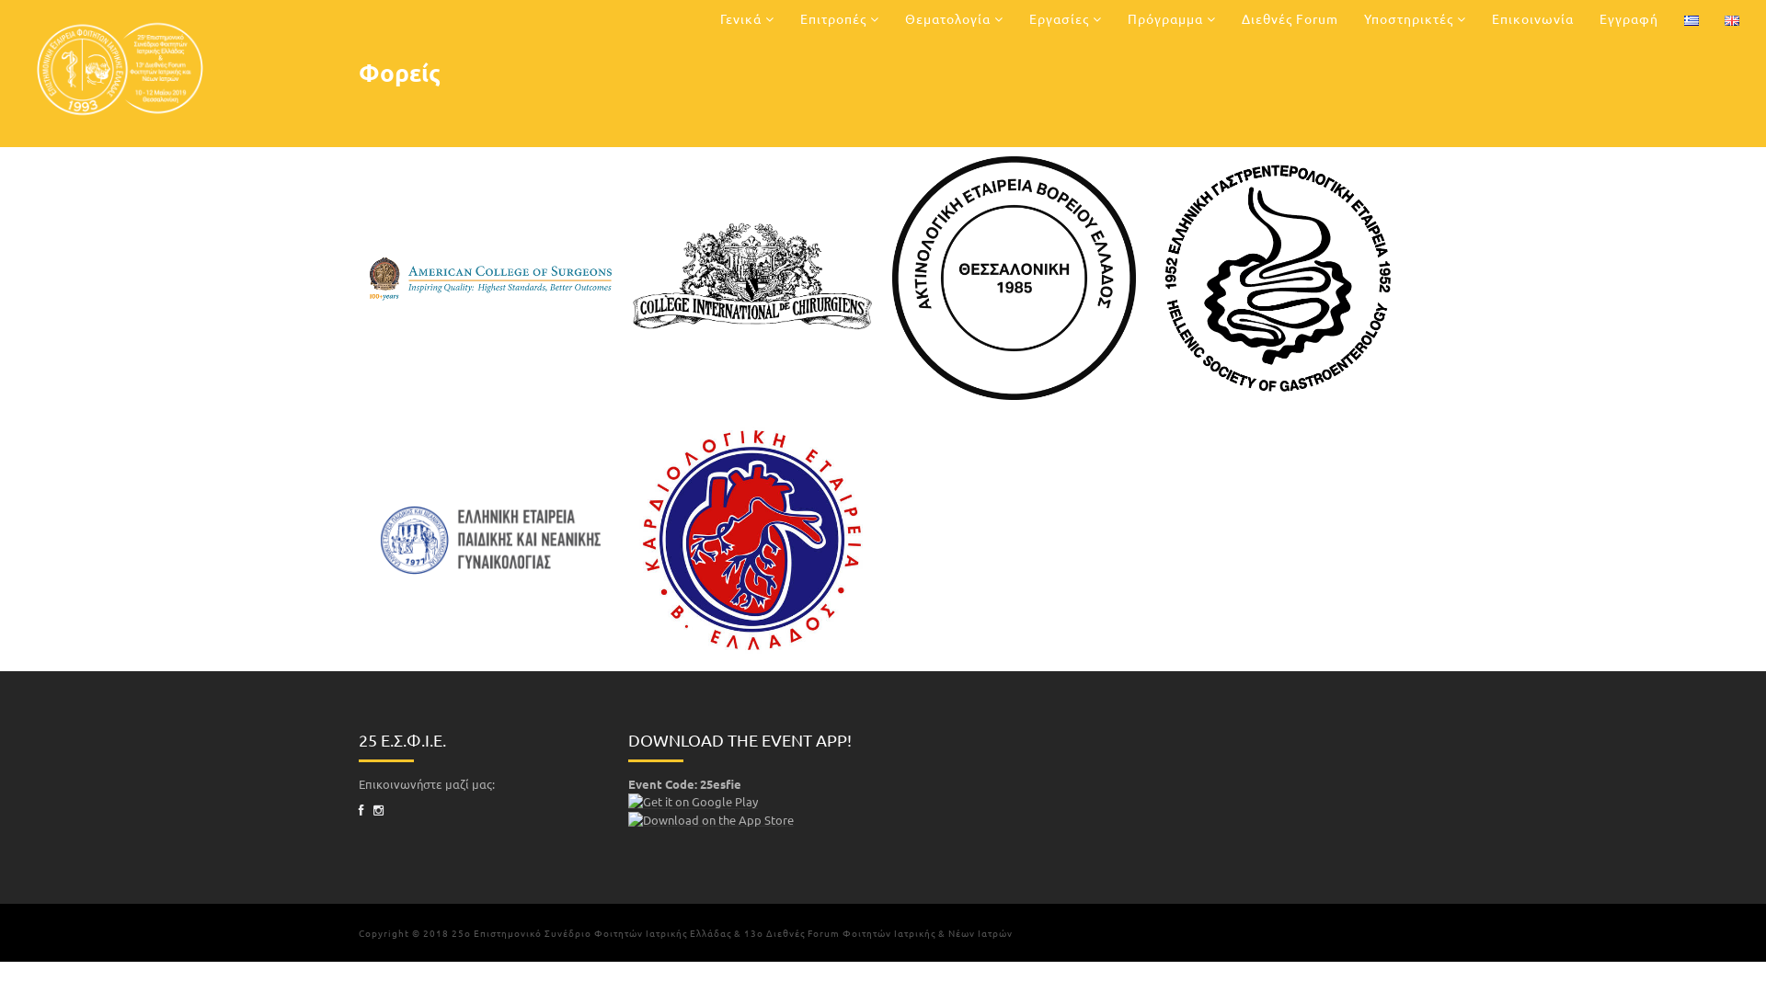  What do you see at coordinates (1730, 20) in the screenshot?
I see `'English'` at bounding box center [1730, 20].